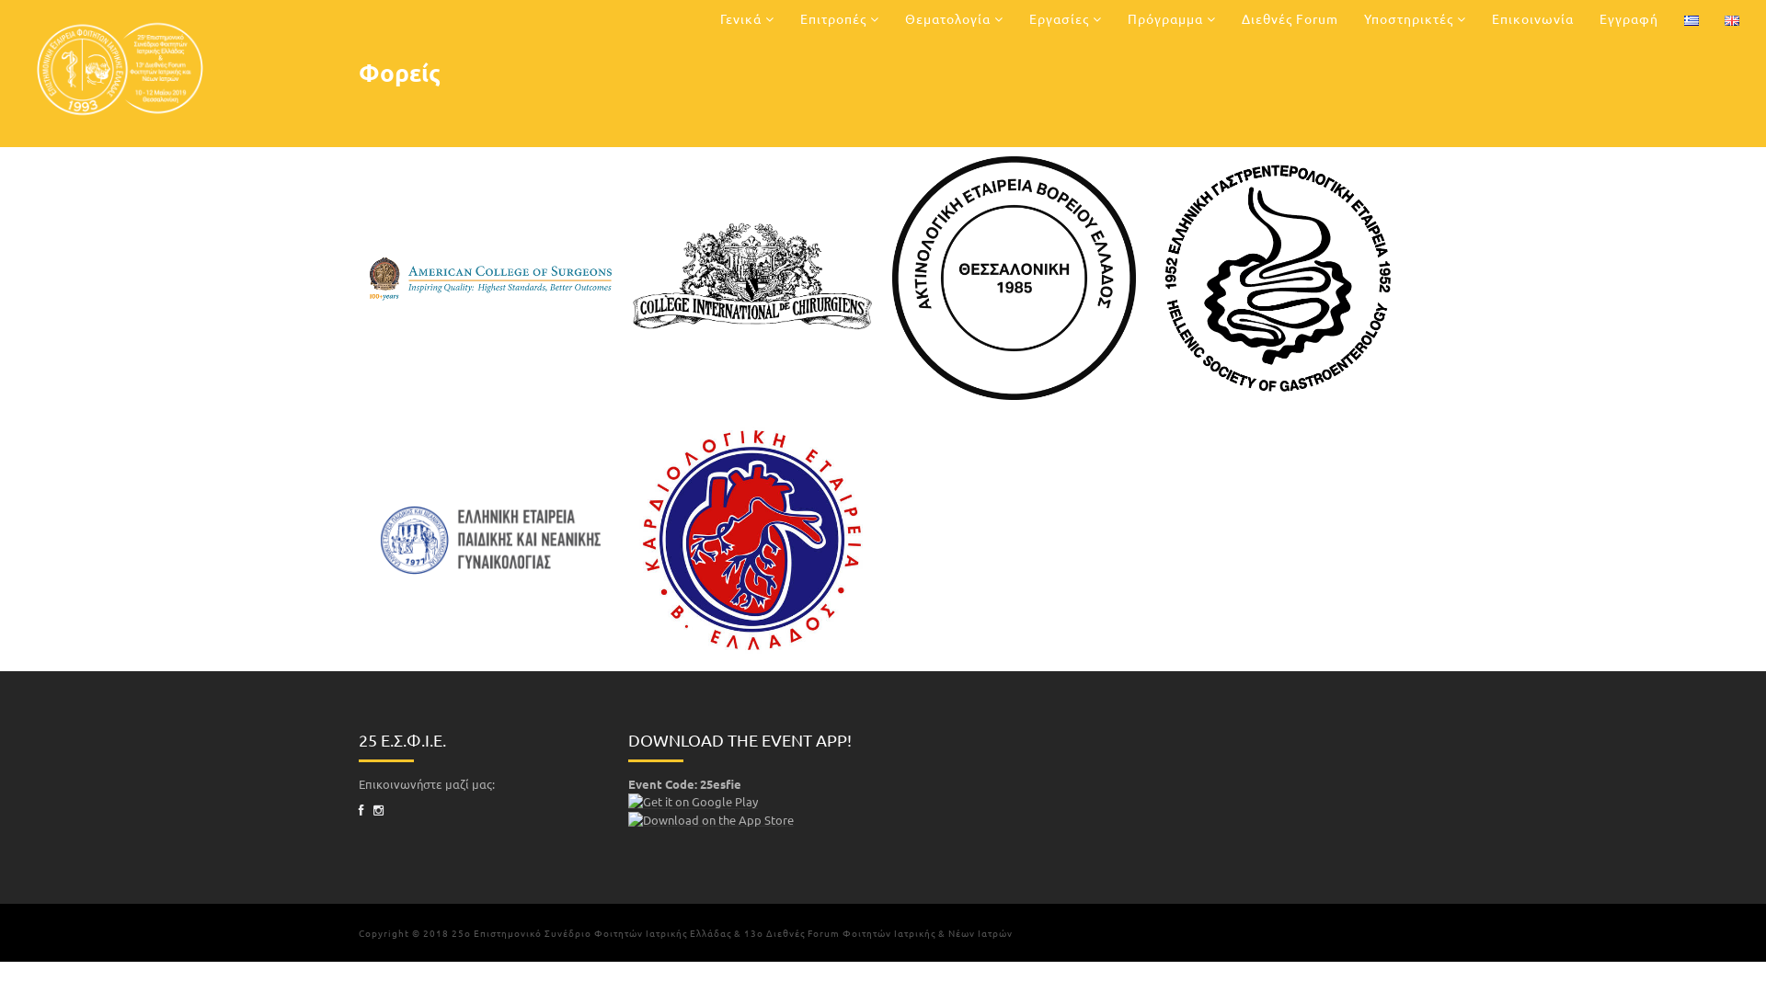  What do you see at coordinates (1730, 20) in the screenshot?
I see `'English'` at bounding box center [1730, 20].